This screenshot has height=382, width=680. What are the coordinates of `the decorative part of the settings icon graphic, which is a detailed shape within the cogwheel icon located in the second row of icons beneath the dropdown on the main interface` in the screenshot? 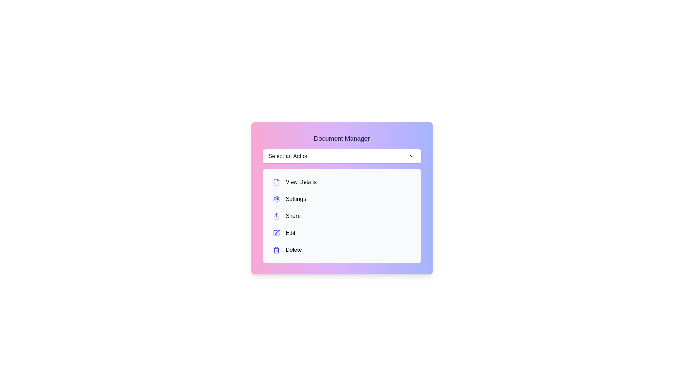 It's located at (276, 199).